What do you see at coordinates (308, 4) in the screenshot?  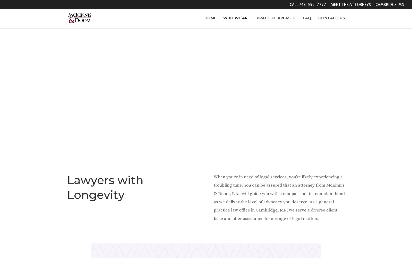 I see `'Call 763-552-7777'` at bounding box center [308, 4].